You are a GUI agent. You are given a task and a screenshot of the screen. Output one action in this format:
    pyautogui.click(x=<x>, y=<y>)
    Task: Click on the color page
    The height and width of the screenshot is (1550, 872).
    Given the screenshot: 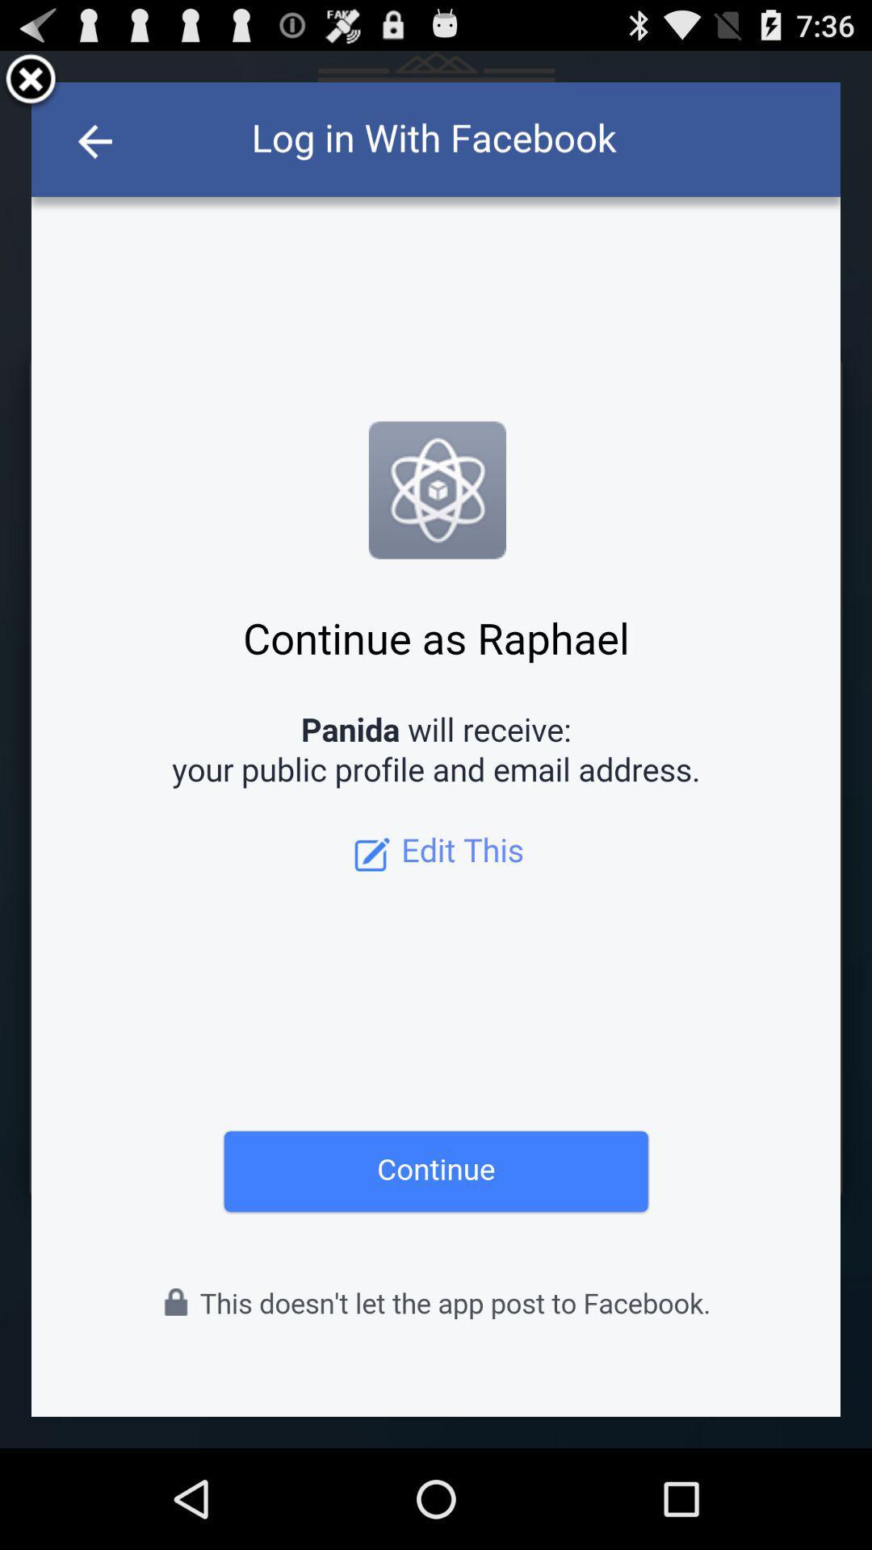 What is the action you would take?
    pyautogui.click(x=436, y=748)
    